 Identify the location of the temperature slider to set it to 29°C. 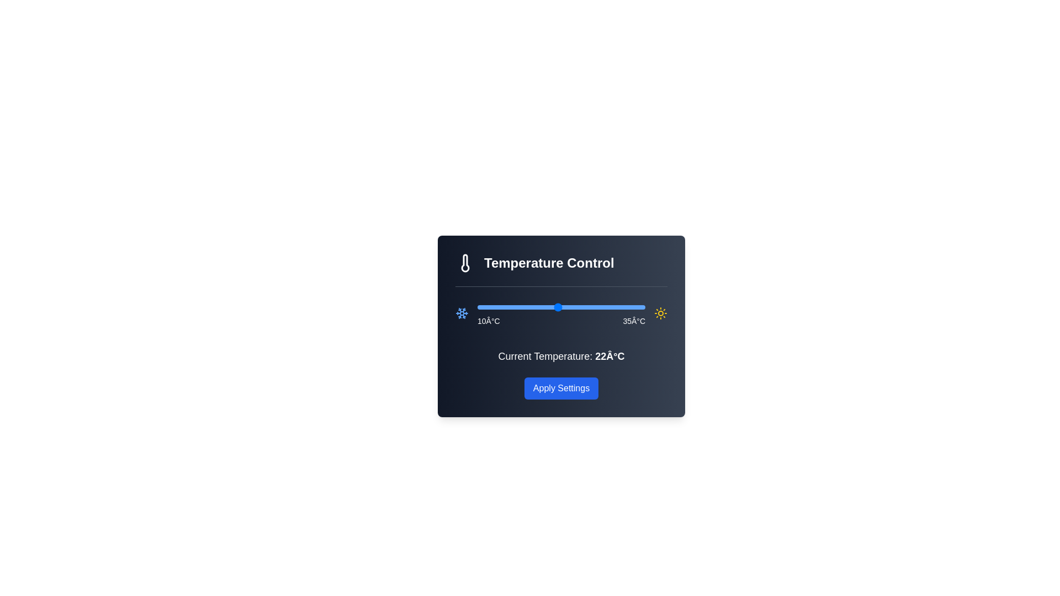
(605, 307).